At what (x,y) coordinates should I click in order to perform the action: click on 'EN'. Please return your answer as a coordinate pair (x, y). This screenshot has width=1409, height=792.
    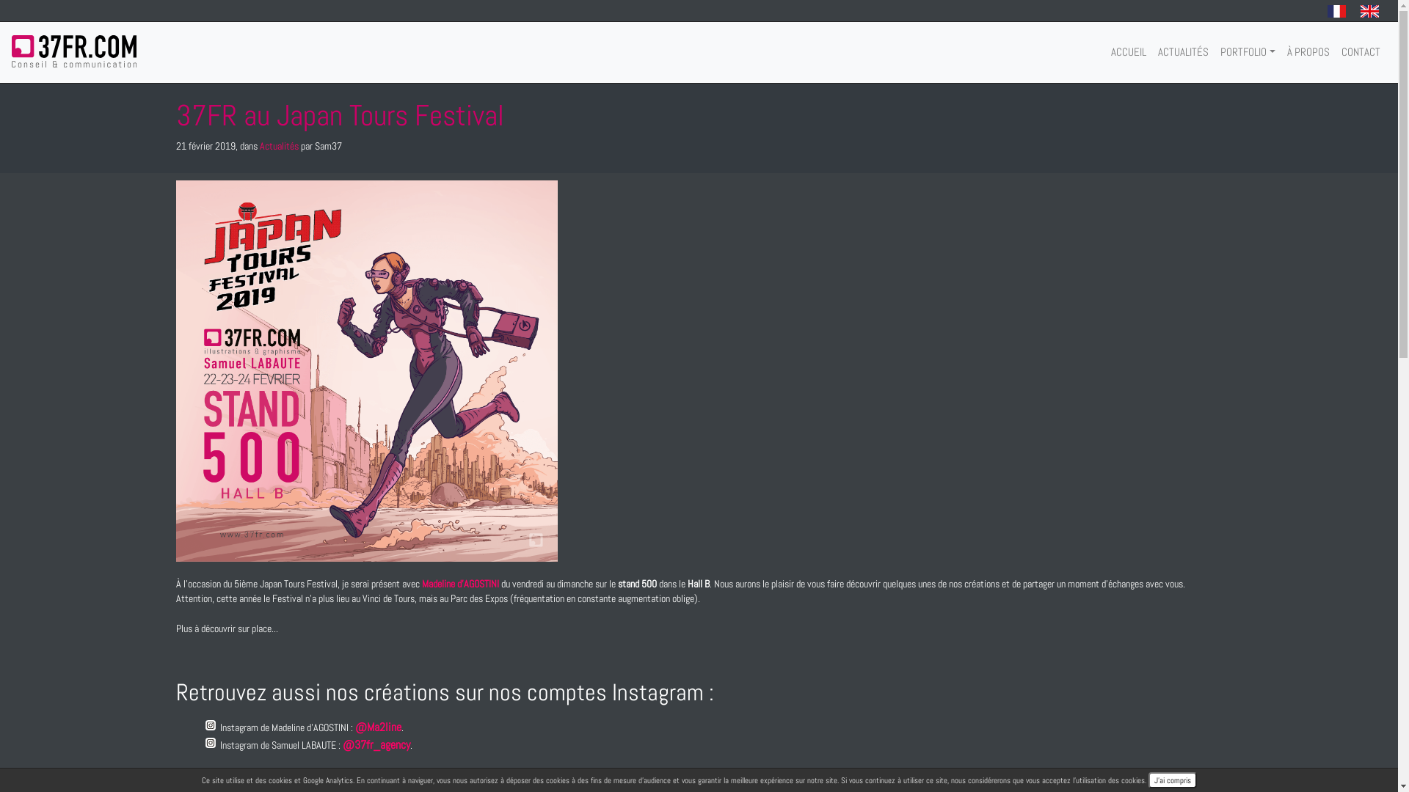
    Looking at the image, I should click on (1369, 11).